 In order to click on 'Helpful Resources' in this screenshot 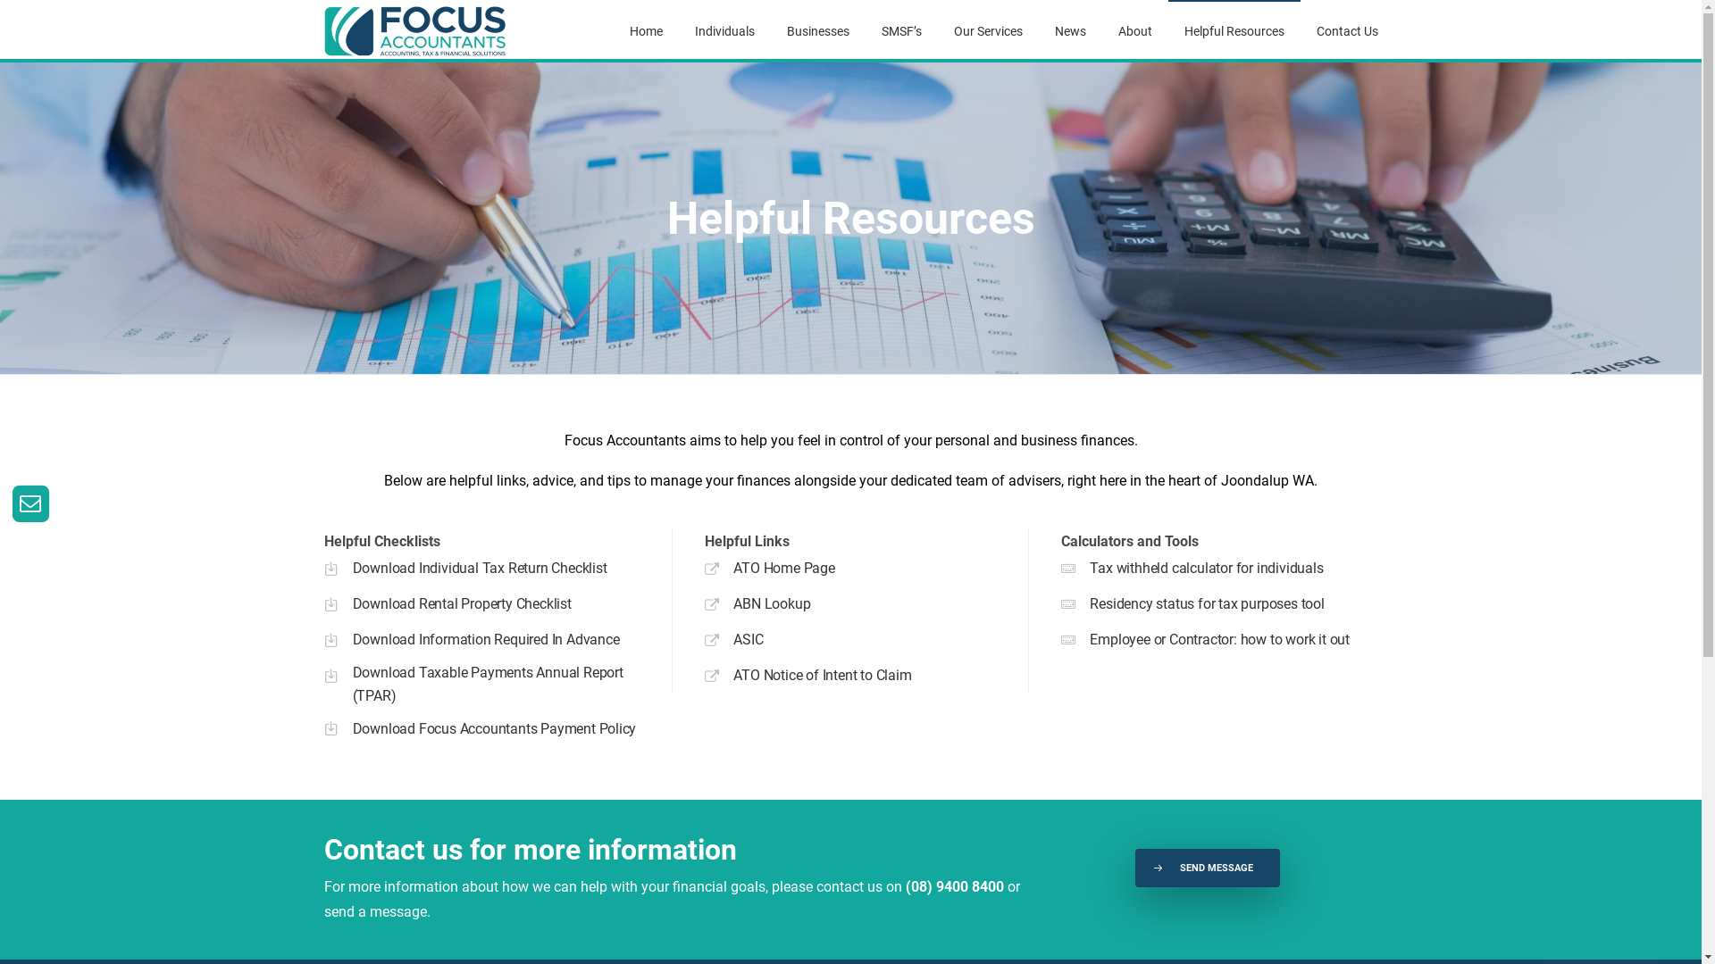, I will do `click(1234, 30)`.